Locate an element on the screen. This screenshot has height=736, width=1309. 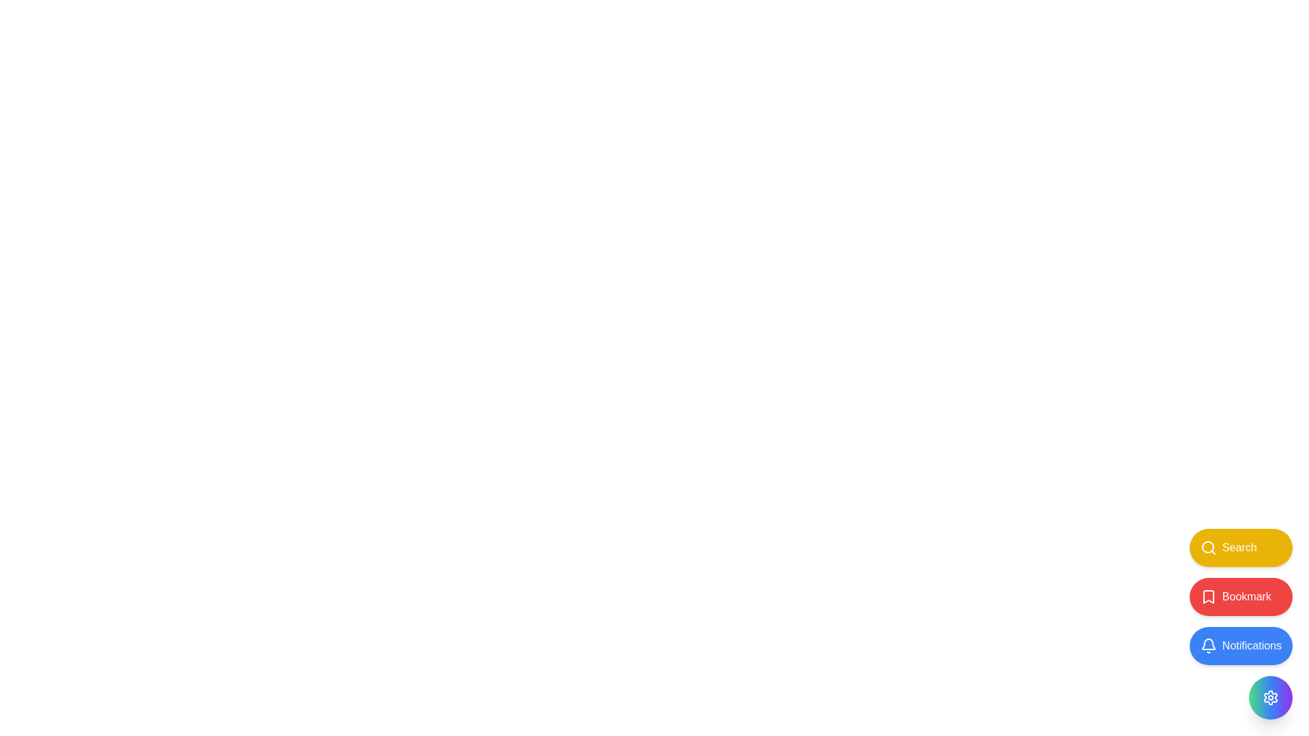
the bookmark button located between the yellow 'Search' button and the blue 'Notifications' button is located at coordinates (1241, 596).